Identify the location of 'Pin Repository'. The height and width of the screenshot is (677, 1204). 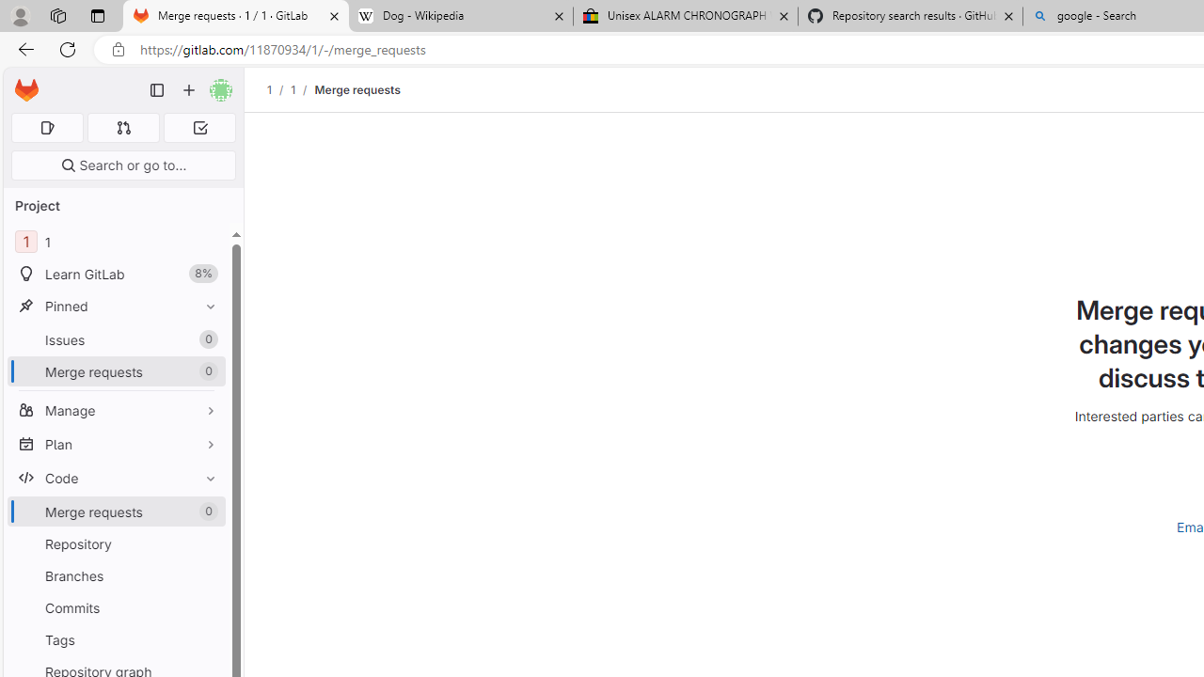
(206, 543).